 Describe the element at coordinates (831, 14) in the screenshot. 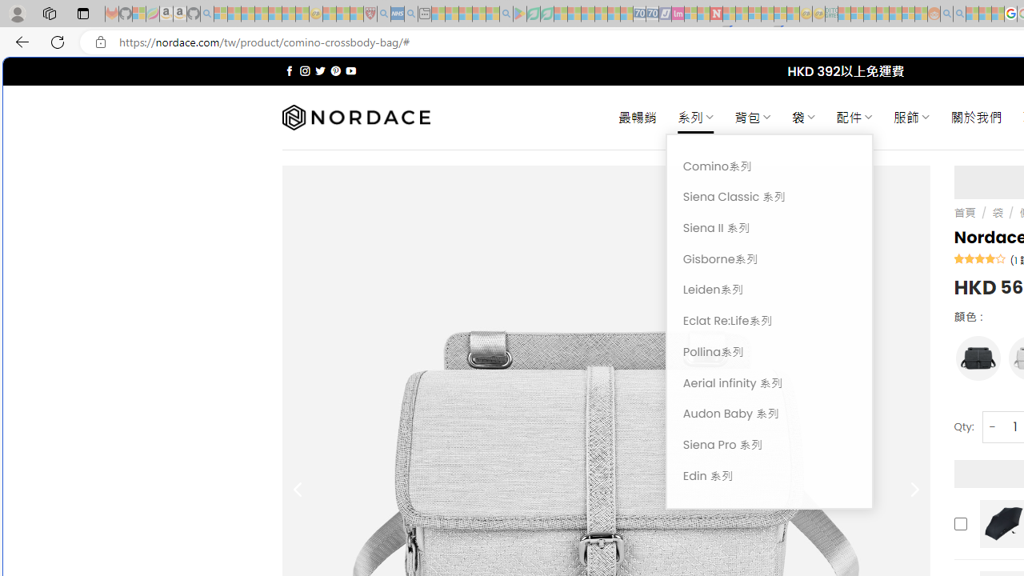

I see `'DITOGAMES AG Imprint - Sleeping'` at that location.